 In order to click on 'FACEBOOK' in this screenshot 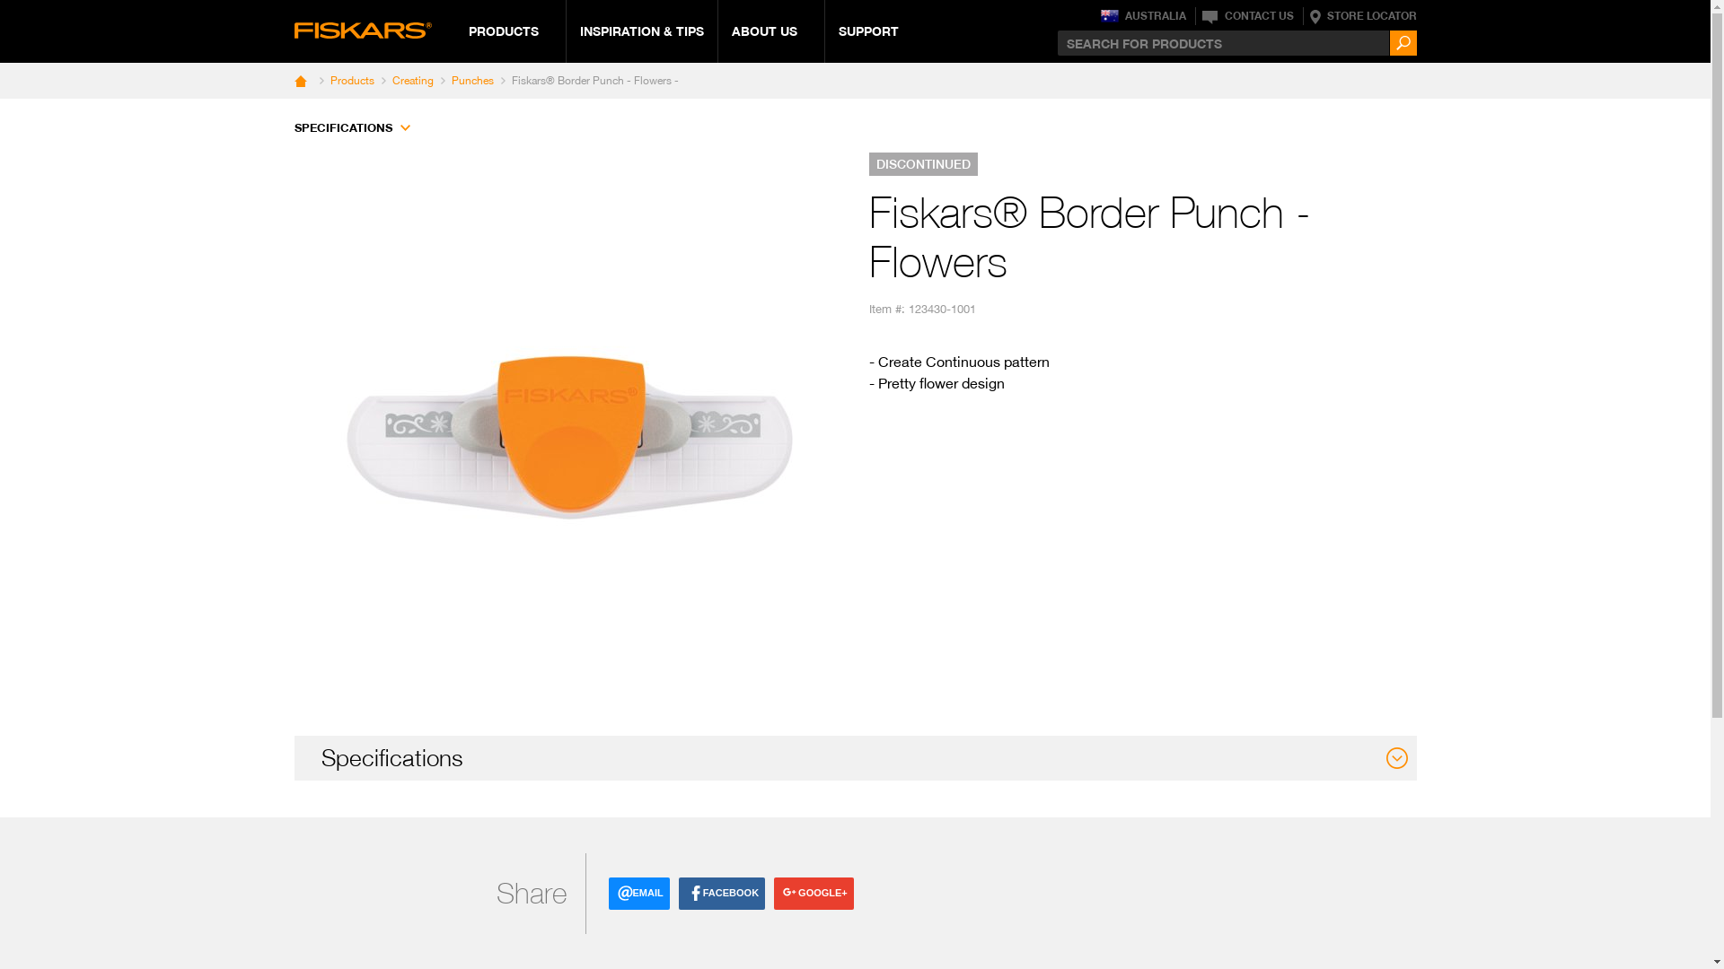, I will do `click(721, 893)`.